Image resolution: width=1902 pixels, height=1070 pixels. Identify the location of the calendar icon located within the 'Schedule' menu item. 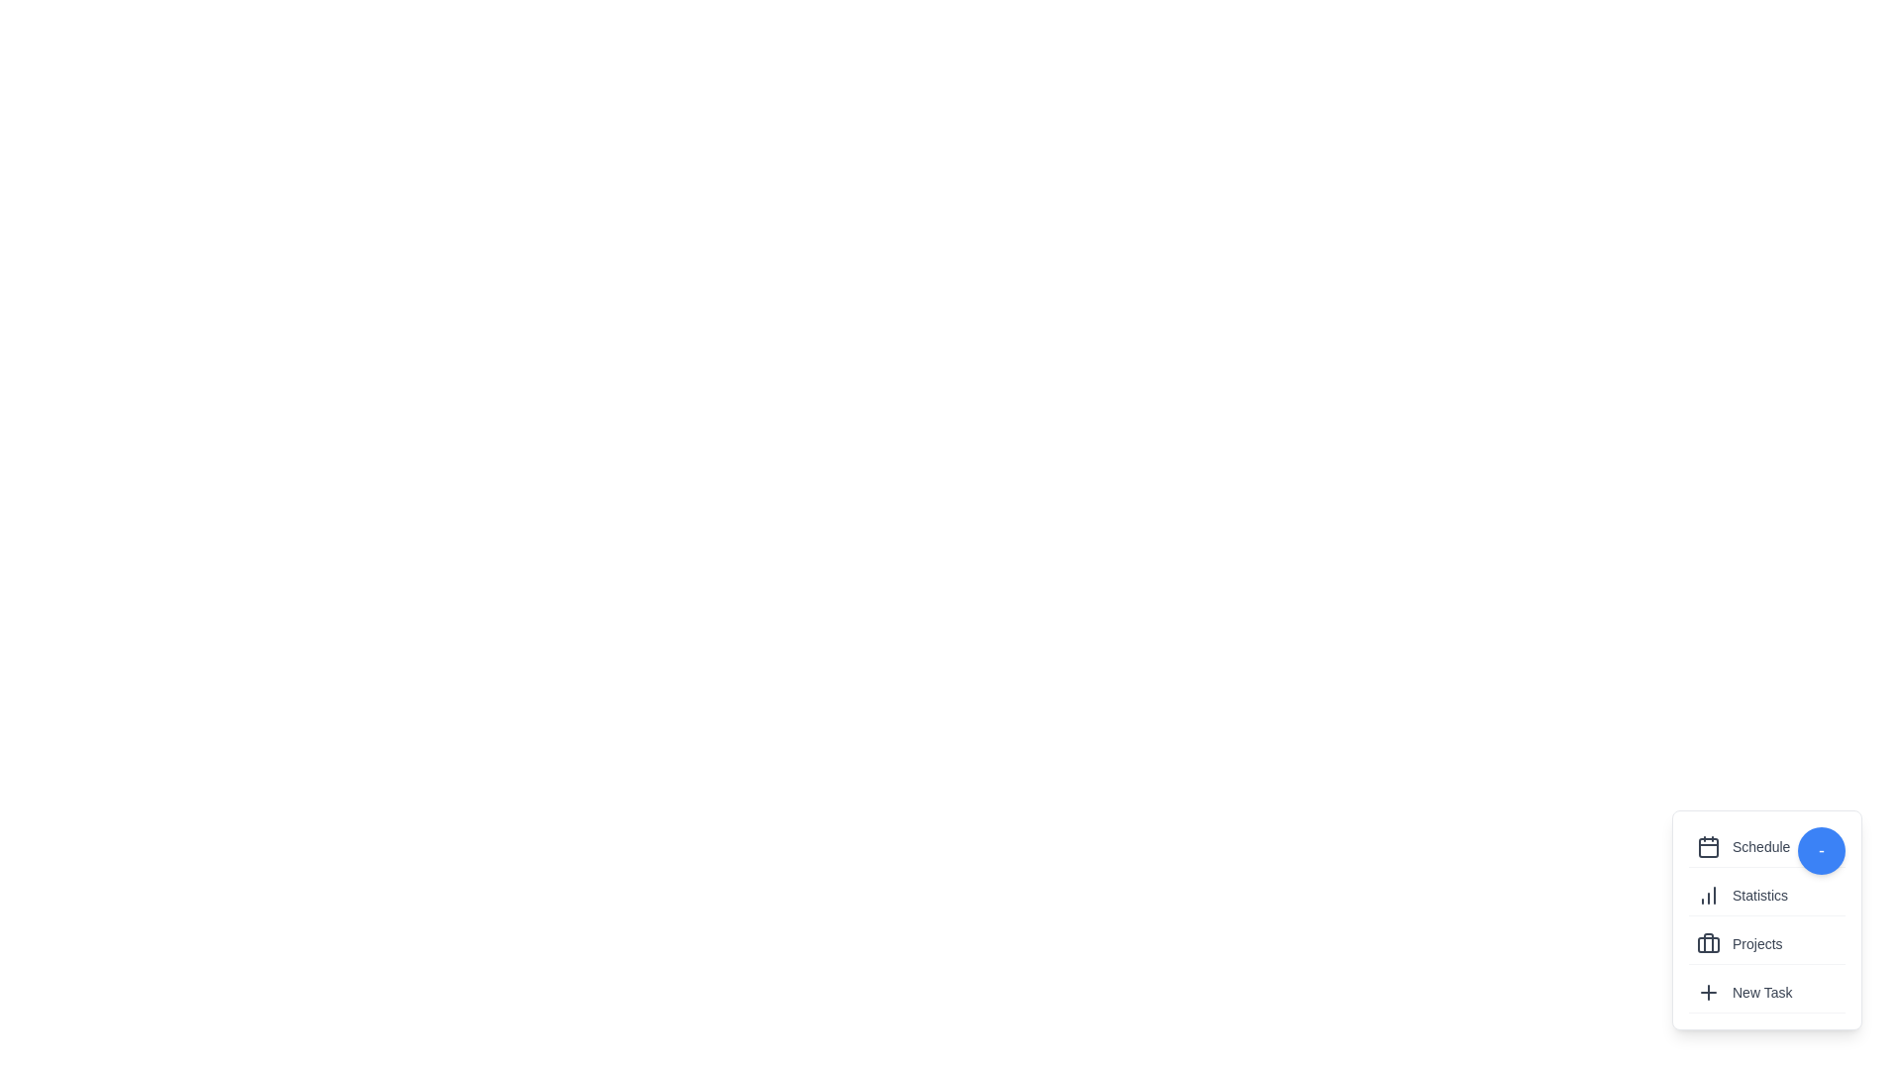
(1707, 847).